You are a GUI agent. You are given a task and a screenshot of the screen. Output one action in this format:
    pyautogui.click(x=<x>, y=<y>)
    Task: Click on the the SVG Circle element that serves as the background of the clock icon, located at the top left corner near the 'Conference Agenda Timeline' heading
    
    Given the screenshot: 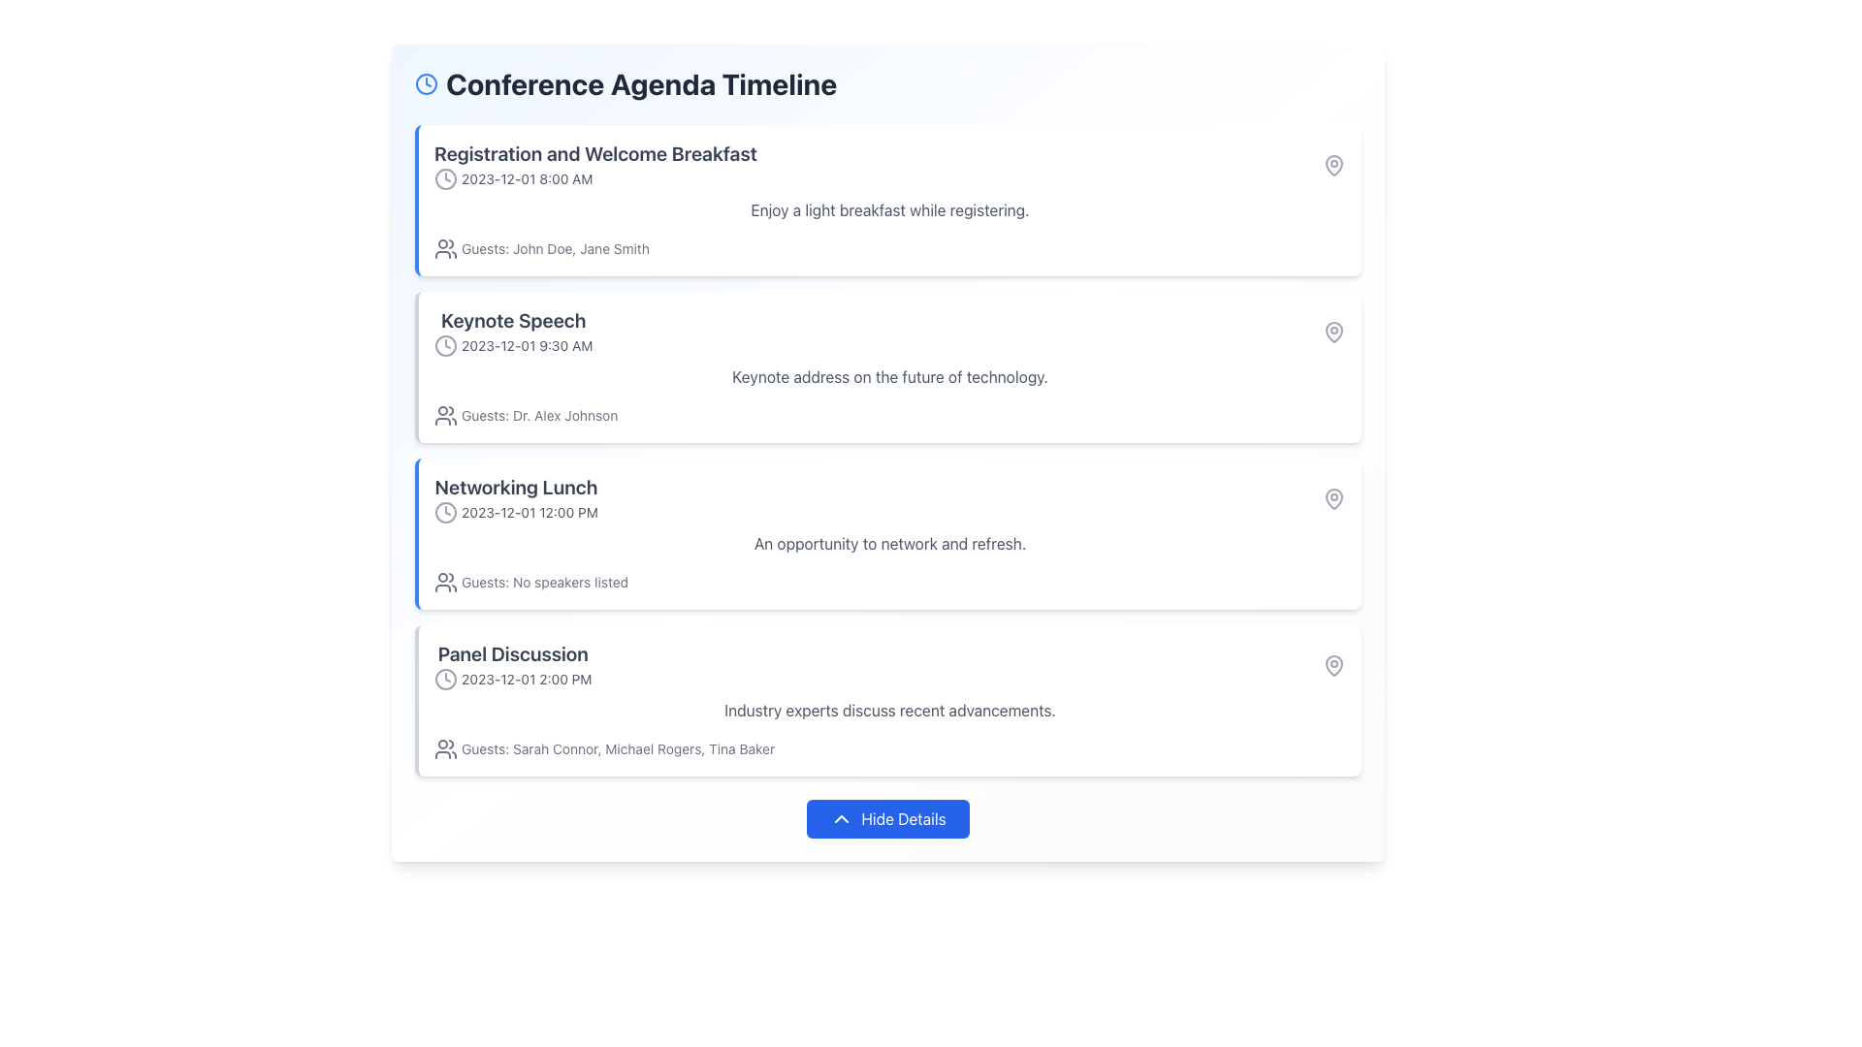 What is the action you would take?
    pyautogui.click(x=426, y=83)
    